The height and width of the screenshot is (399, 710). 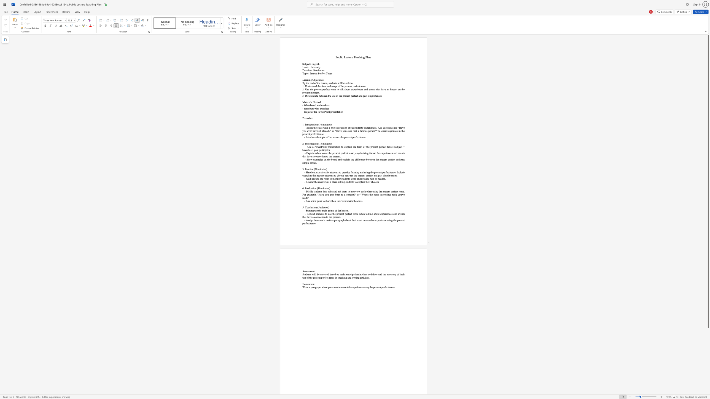 I want to click on the 10th character "e" in the text, so click(x=365, y=86).